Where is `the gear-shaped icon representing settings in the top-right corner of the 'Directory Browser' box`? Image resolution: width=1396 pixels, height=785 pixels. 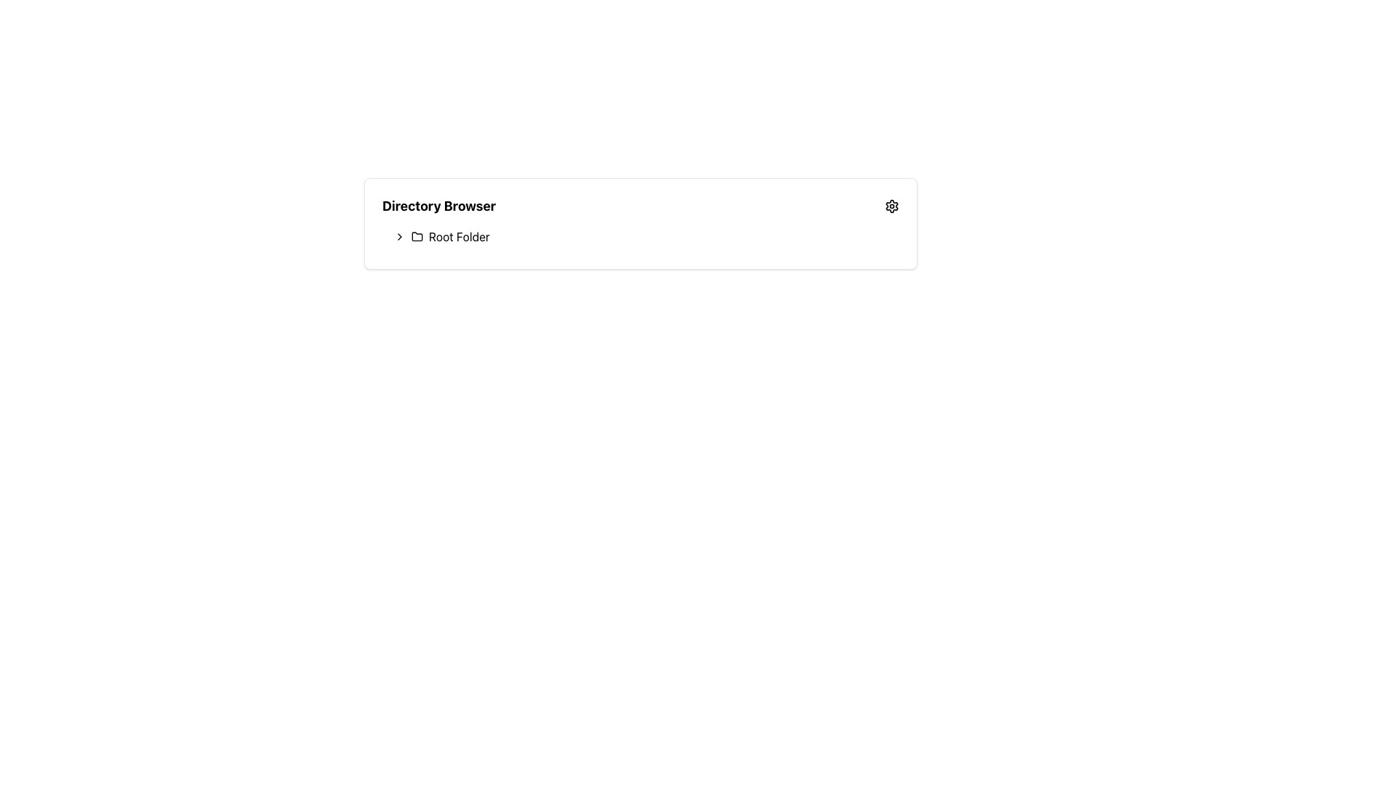
the gear-shaped icon representing settings in the top-right corner of the 'Directory Browser' box is located at coordinates (891, 206).